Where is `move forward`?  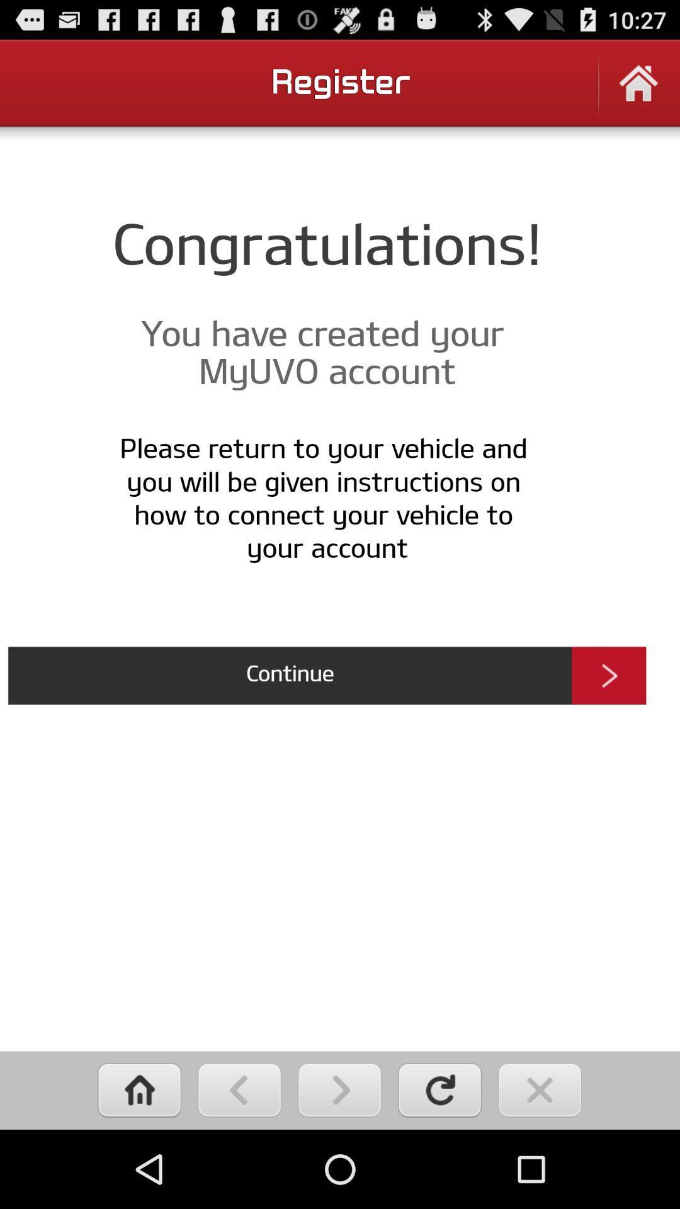
move forward is located at coordinates (339, 1089).